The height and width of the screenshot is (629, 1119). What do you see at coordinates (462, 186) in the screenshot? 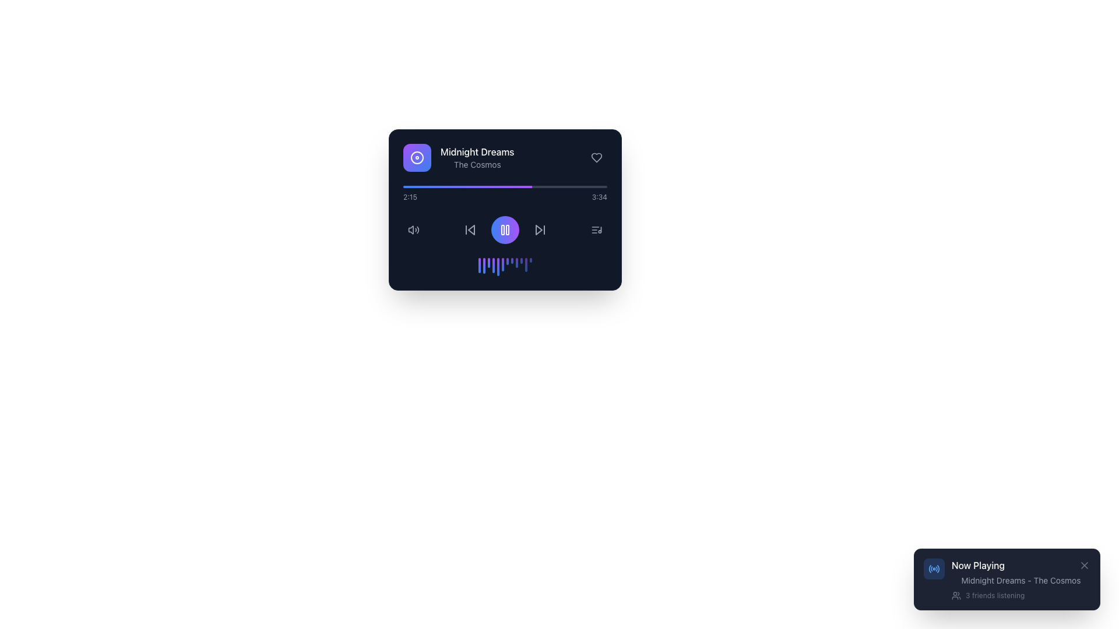
I see `playback progress` at bounding box center [462, 186].